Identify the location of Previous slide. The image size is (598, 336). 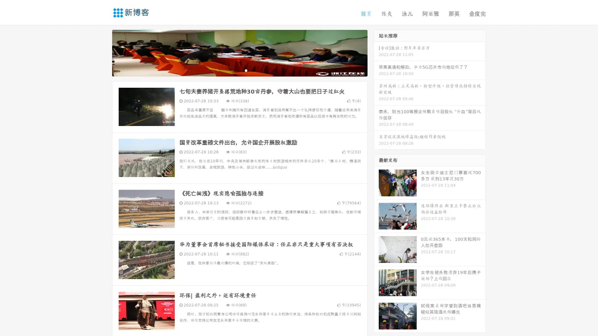
(103, 52).